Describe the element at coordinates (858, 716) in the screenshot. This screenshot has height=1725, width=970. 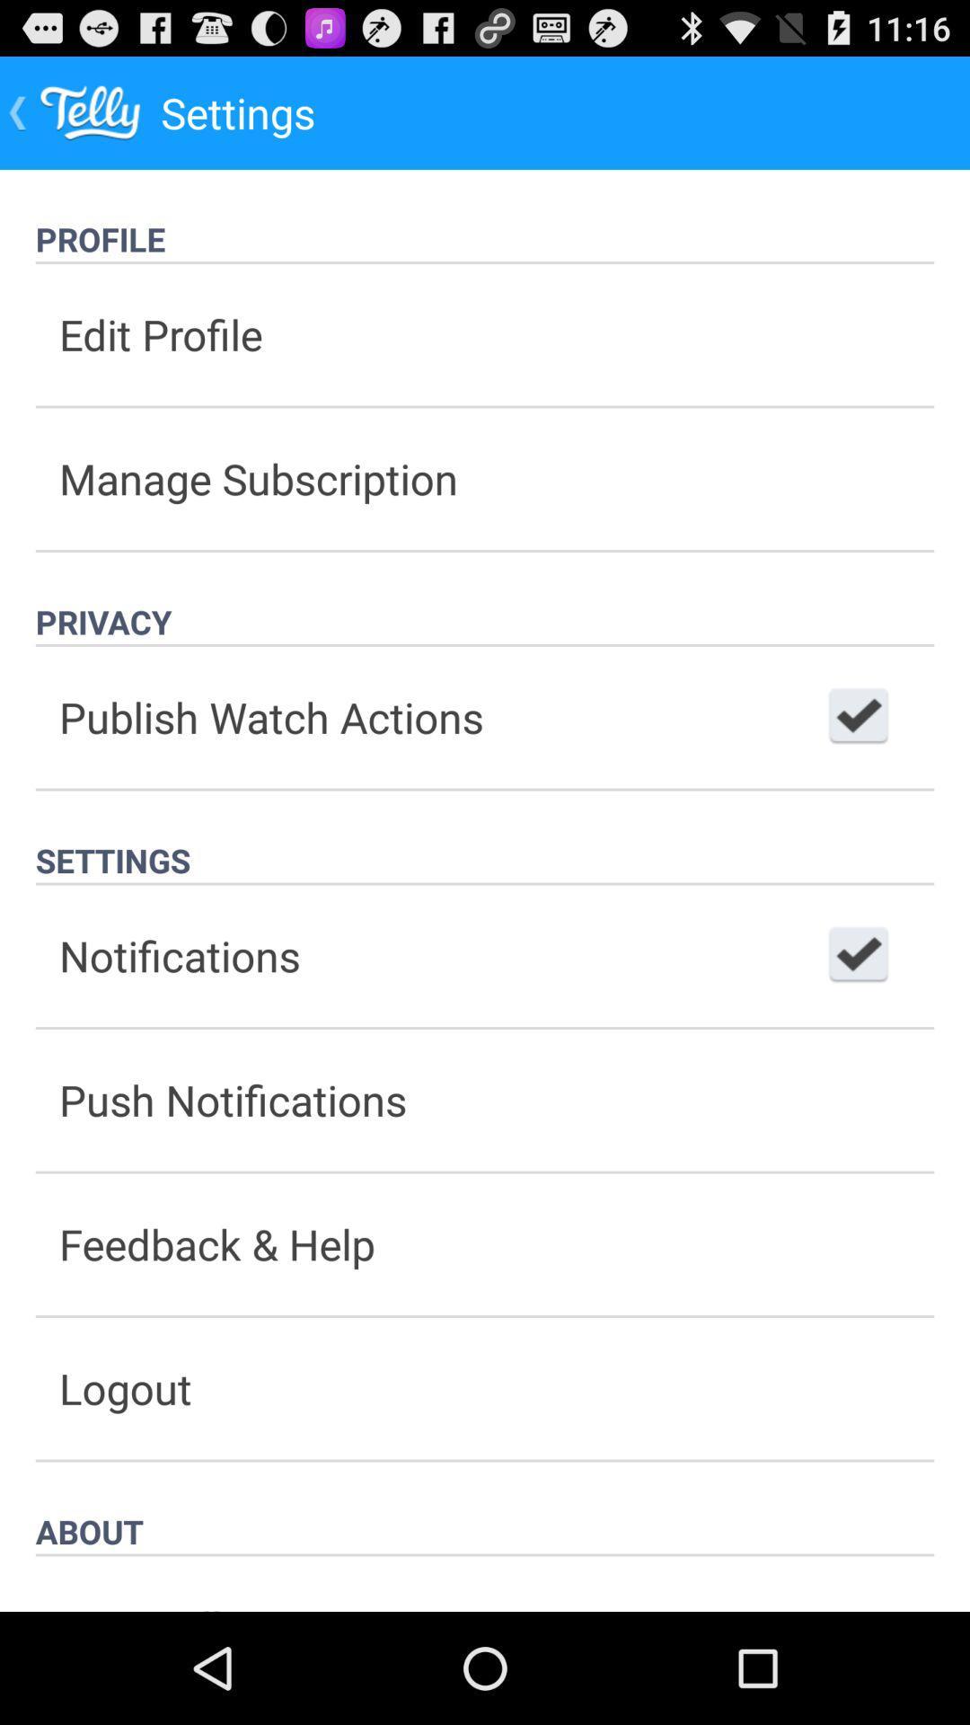
I see `publish this` at that location.